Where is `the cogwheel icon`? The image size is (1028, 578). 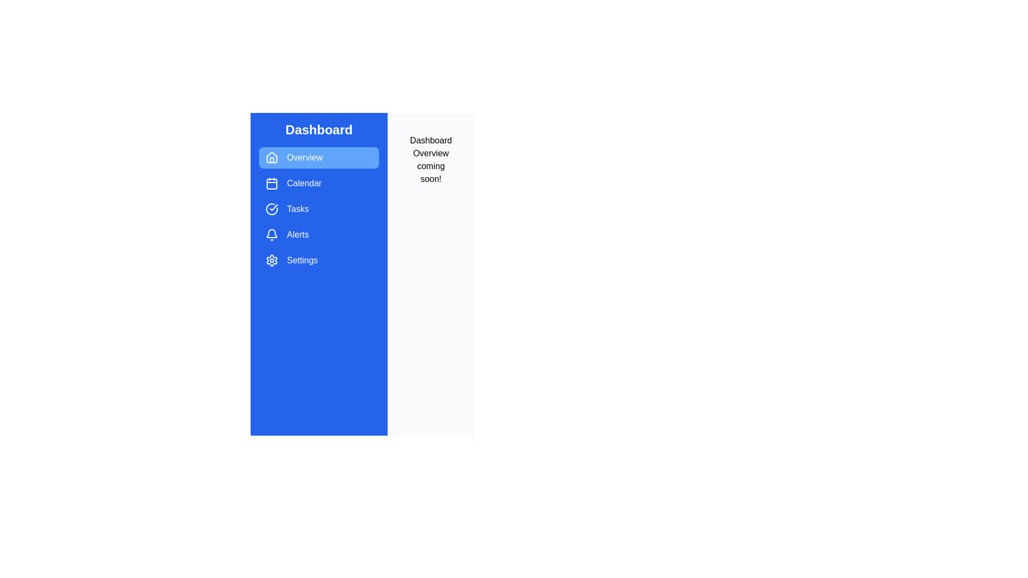
the cogwheel icon is located at coordinates (272, 260).